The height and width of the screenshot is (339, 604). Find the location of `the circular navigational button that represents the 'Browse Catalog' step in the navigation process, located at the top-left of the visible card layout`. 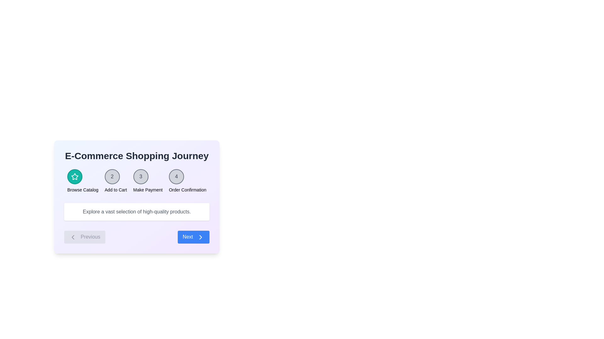

the circular navigational button that represents the 'Browse Catalog' step in the navigation process, located at the top-left of the visible card layout is located at coordinates (75, 177).